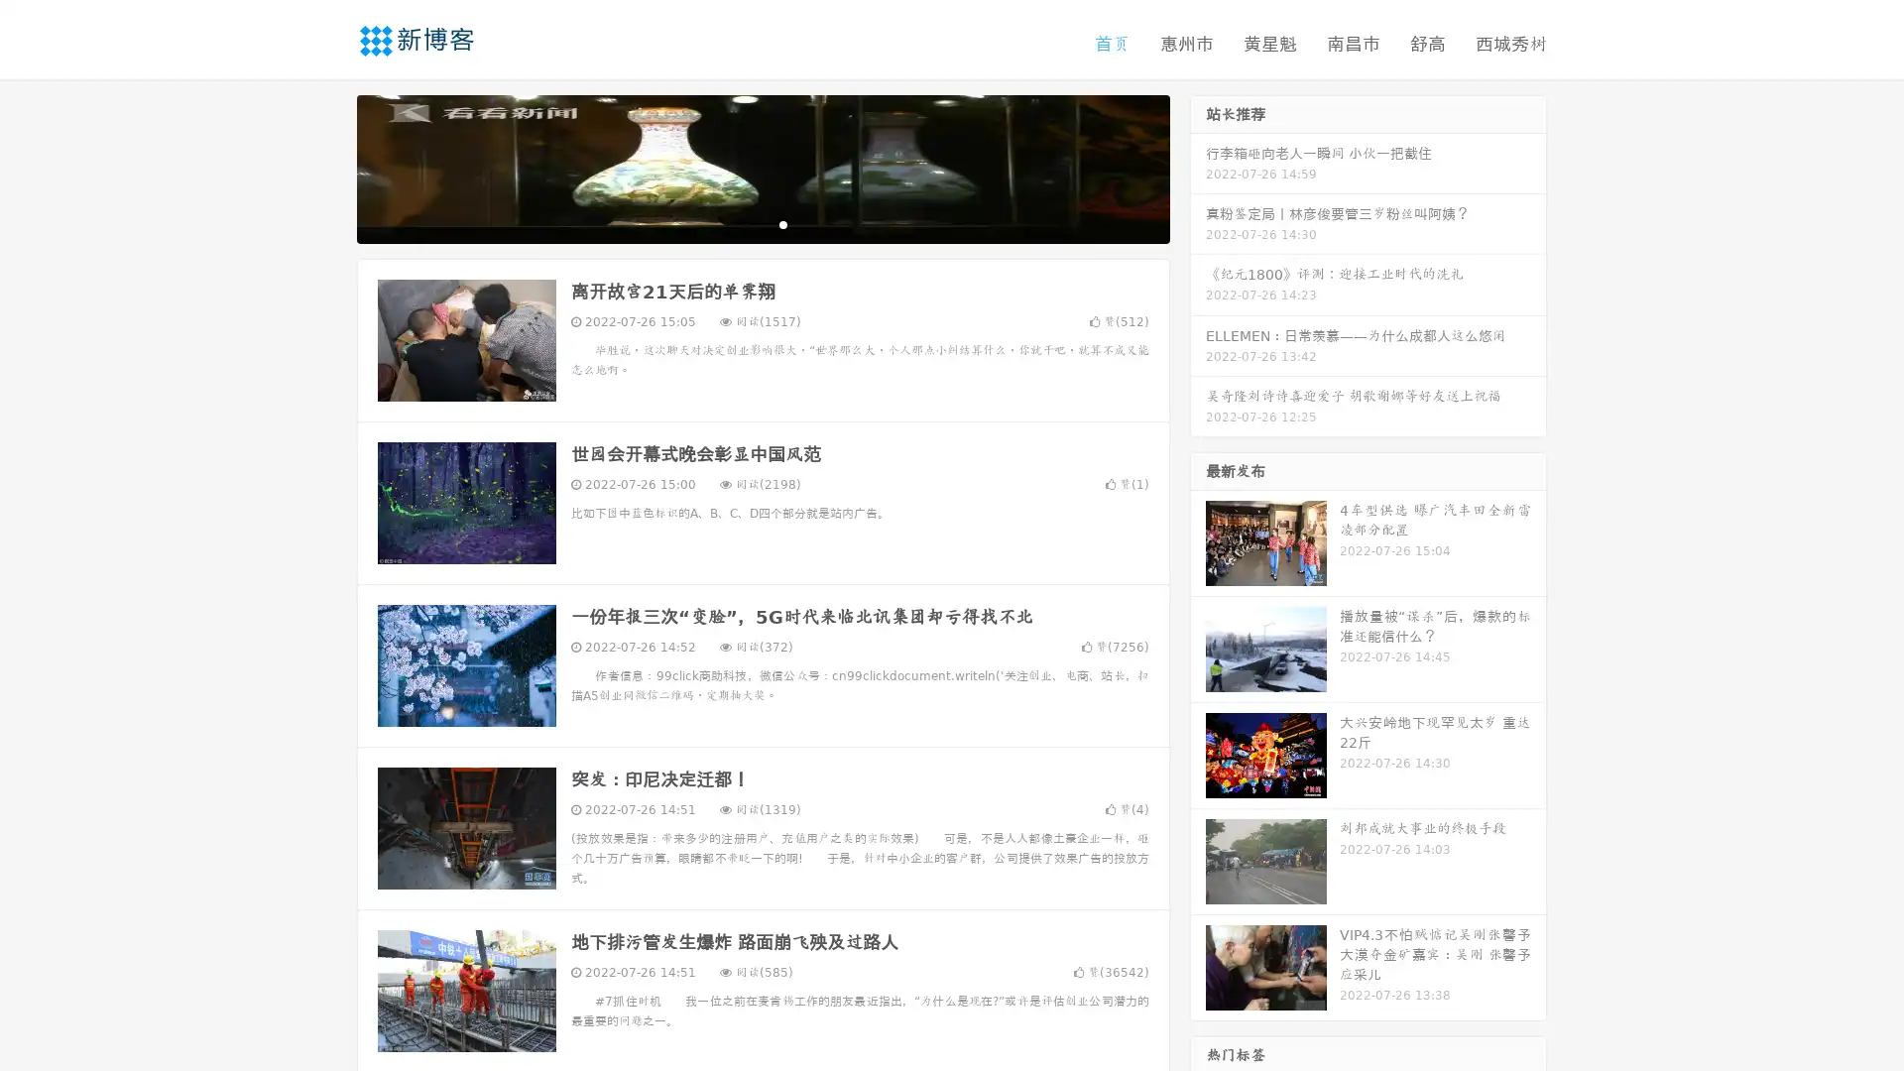 This screenshot has height=1071, width=1904. Describe the element at coordinates (782, 223) in the screenshot. I see `Go to slide 3` at that location.